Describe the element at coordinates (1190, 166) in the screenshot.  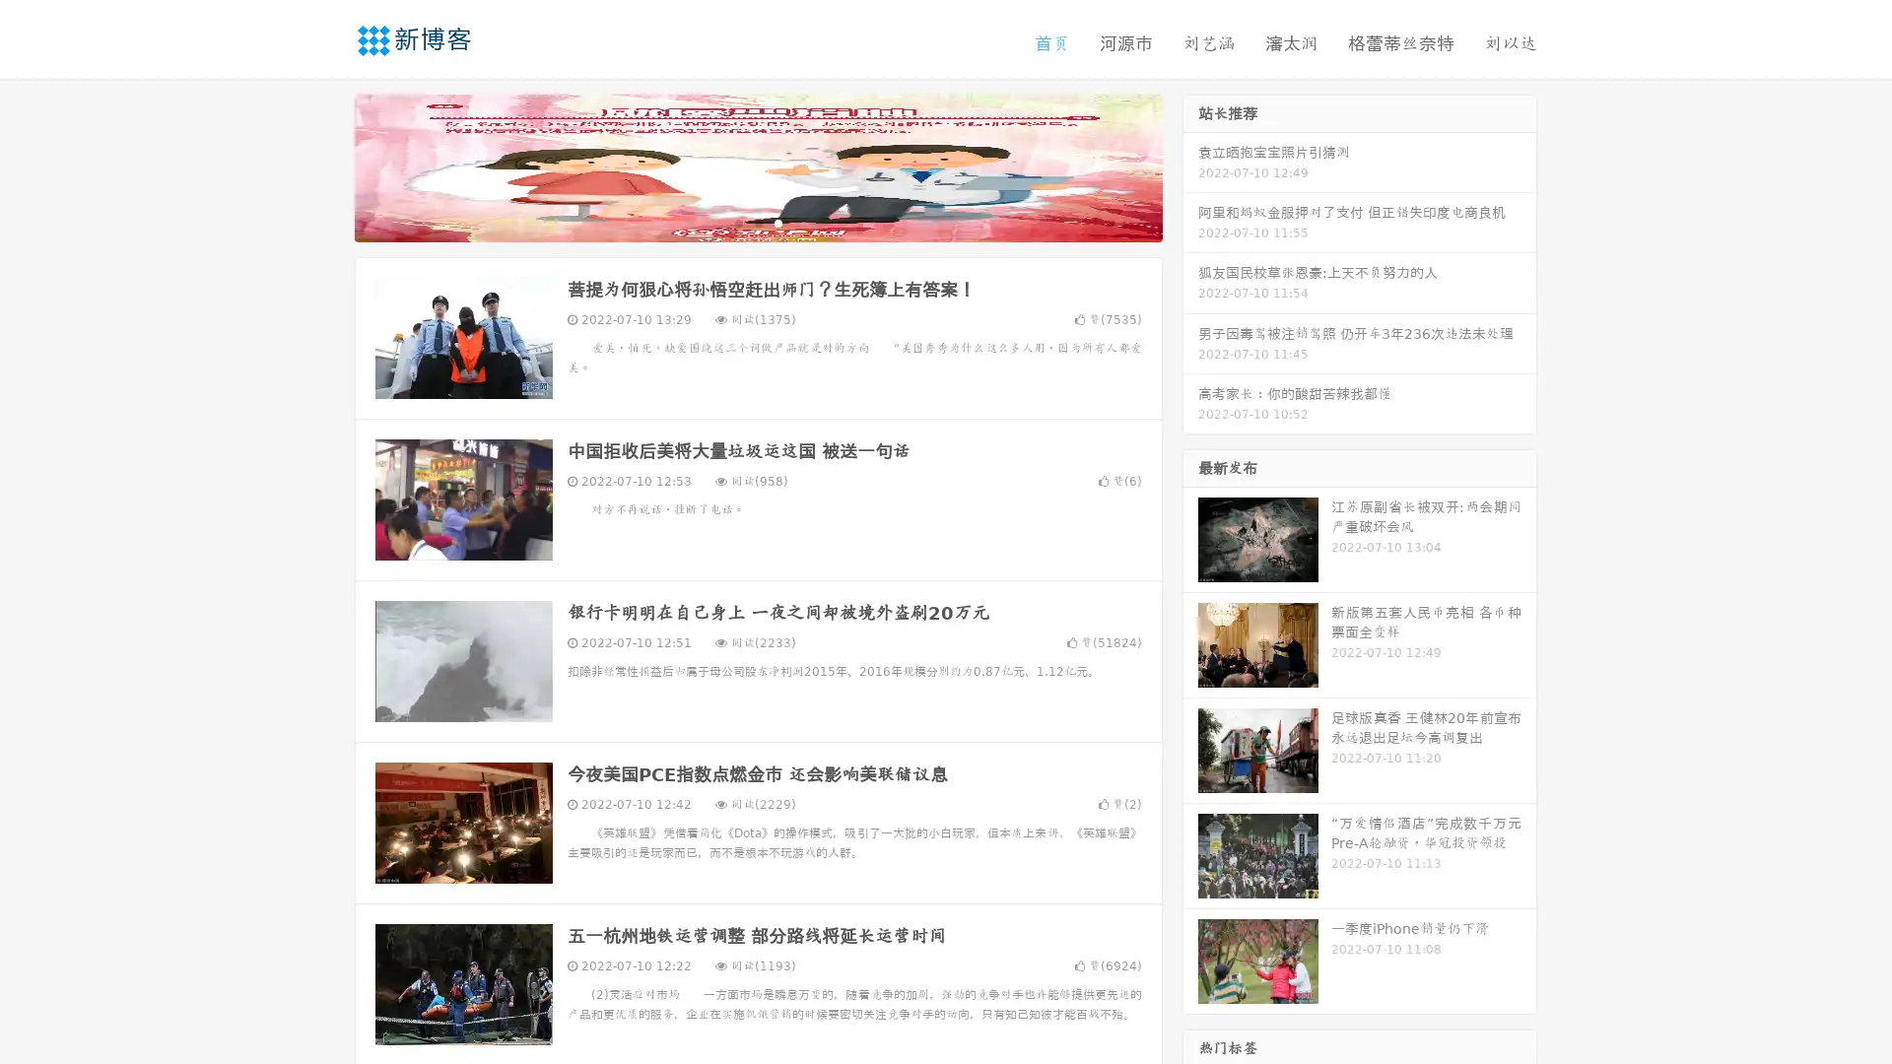
I see `Next slide` at that location.